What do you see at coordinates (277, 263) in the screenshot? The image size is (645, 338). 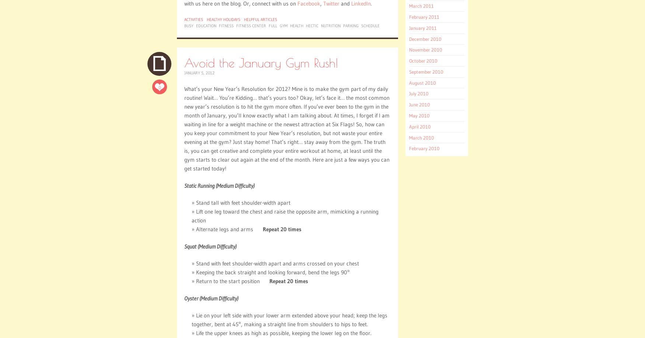 I see `'Stand with feet shoulder-width apart and arms crossed on your chest'` at bounding box center [277, 263].